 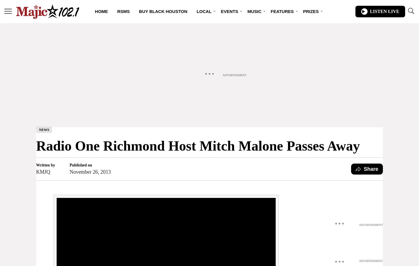 What do you see at coordinates (129, 31) in the screenshot?
I see `'DJs'` at bounding box center [129, 31].